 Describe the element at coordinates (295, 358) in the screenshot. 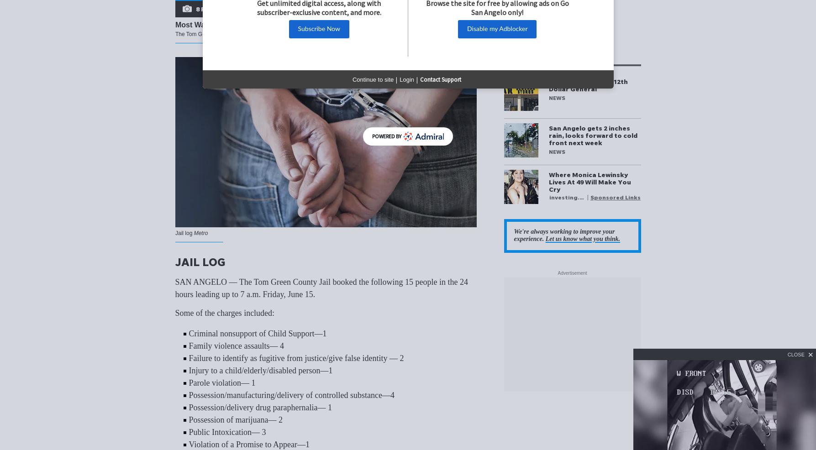

I see `'Failure to identify as fugitive from justice/give false identity — 2'` at that location.